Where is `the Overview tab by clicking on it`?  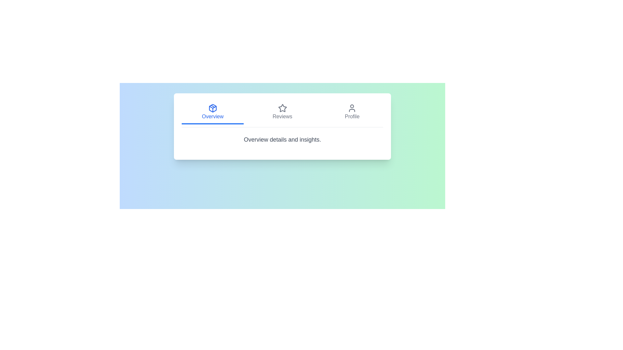
the Overview tab by clicking on it is located at coordinates (213, 112).